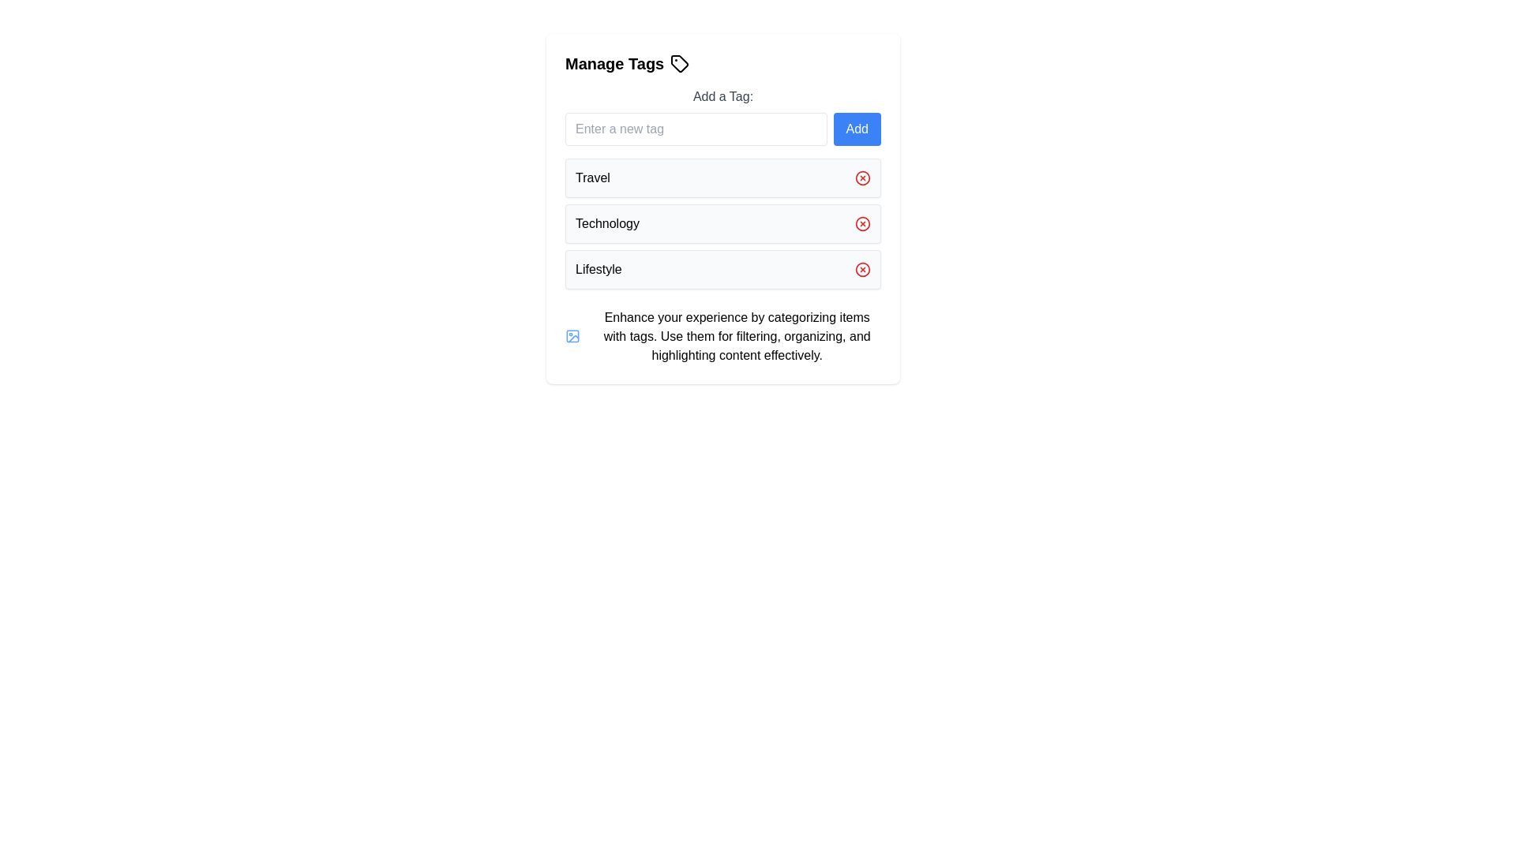  I want to click on the icon located immediately to the right of the 'Technology' tag, so click(862, 224).